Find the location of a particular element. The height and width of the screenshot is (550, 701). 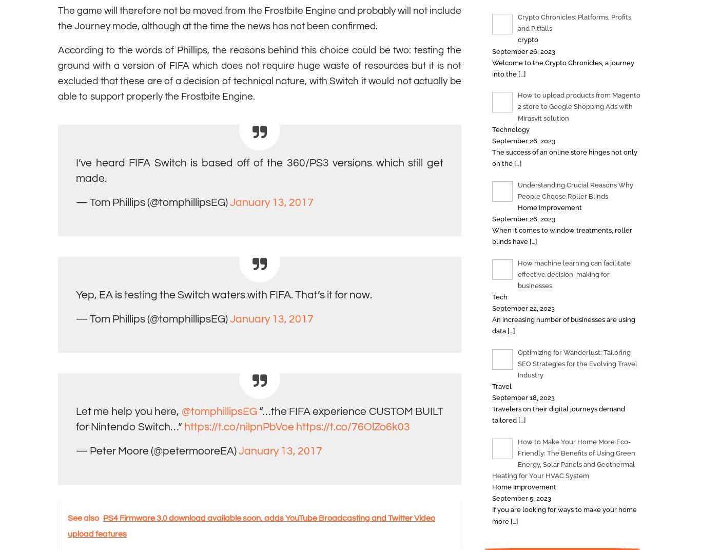

'Travel' is located at coordinates (502, 386).